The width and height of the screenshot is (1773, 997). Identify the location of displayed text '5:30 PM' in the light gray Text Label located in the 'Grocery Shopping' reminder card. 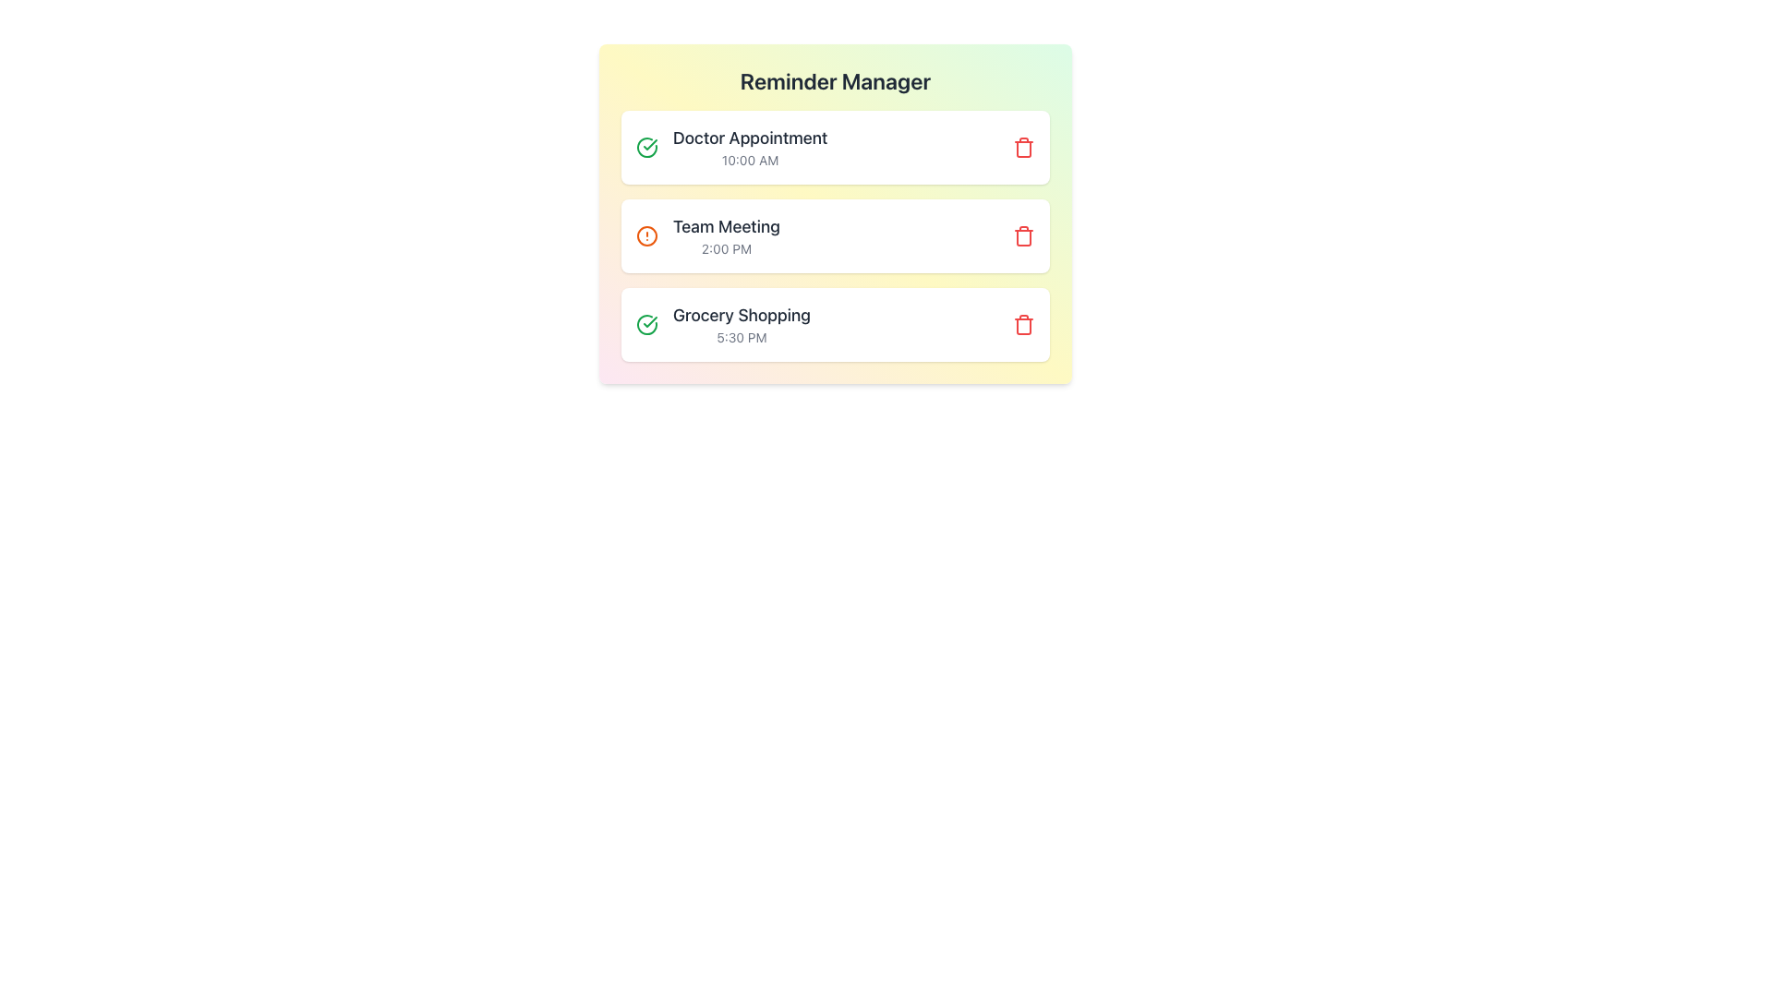
(742, 338).